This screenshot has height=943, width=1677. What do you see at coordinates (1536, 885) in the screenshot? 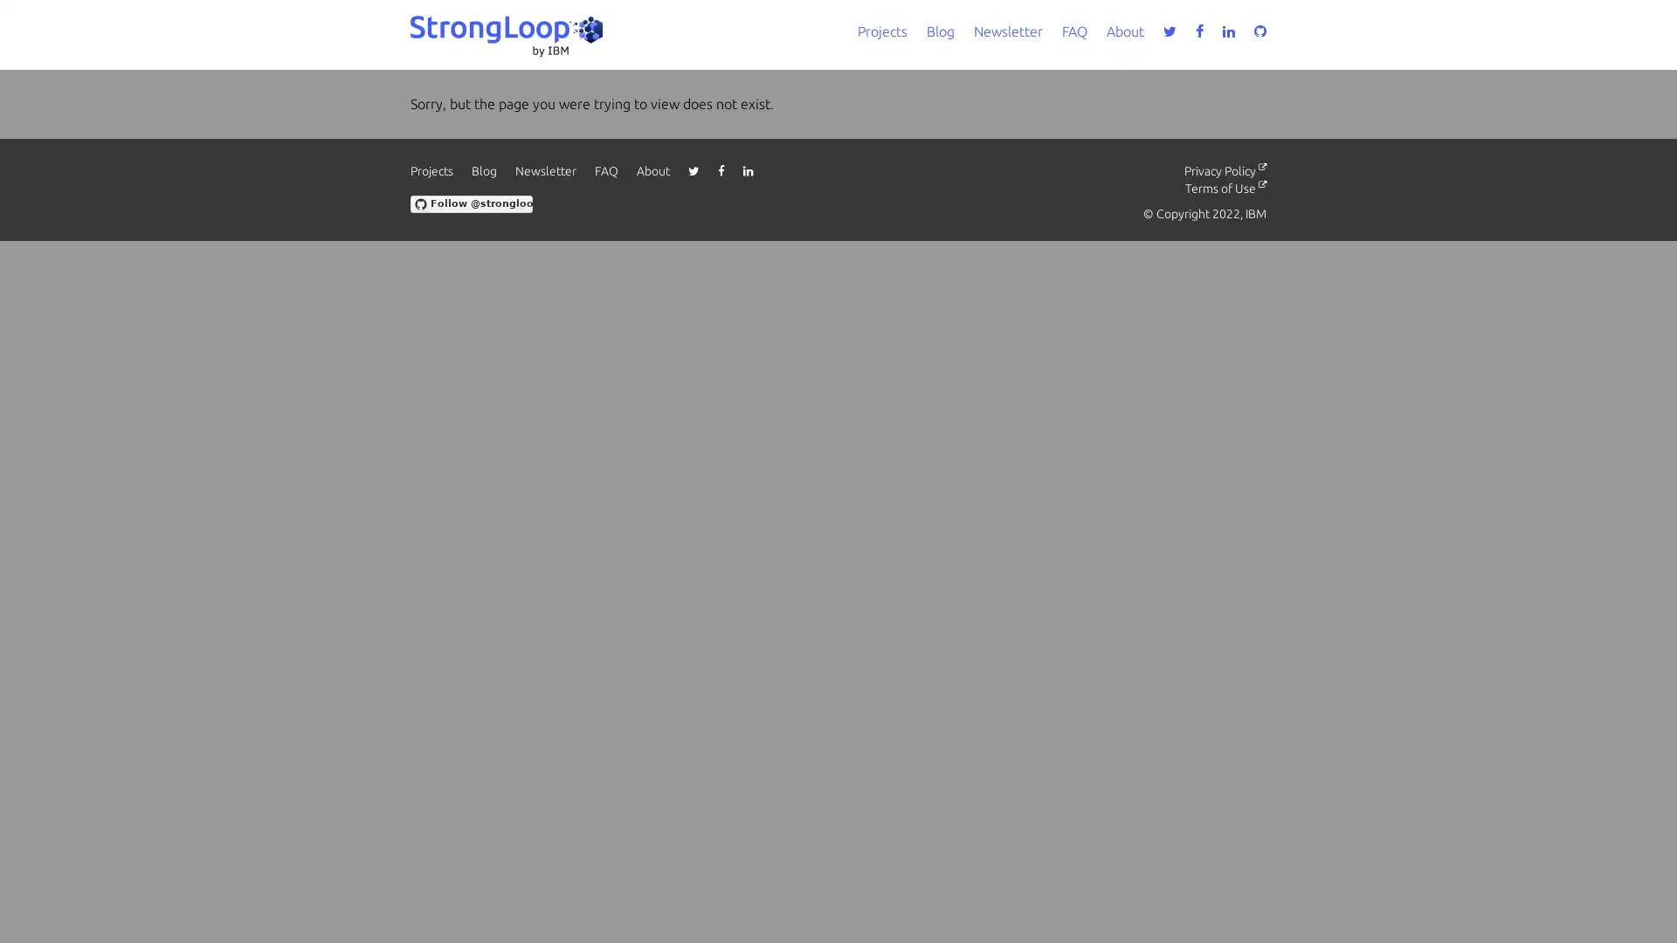
I see `Do not sell my personal information` at bounding box center [1536, 885].